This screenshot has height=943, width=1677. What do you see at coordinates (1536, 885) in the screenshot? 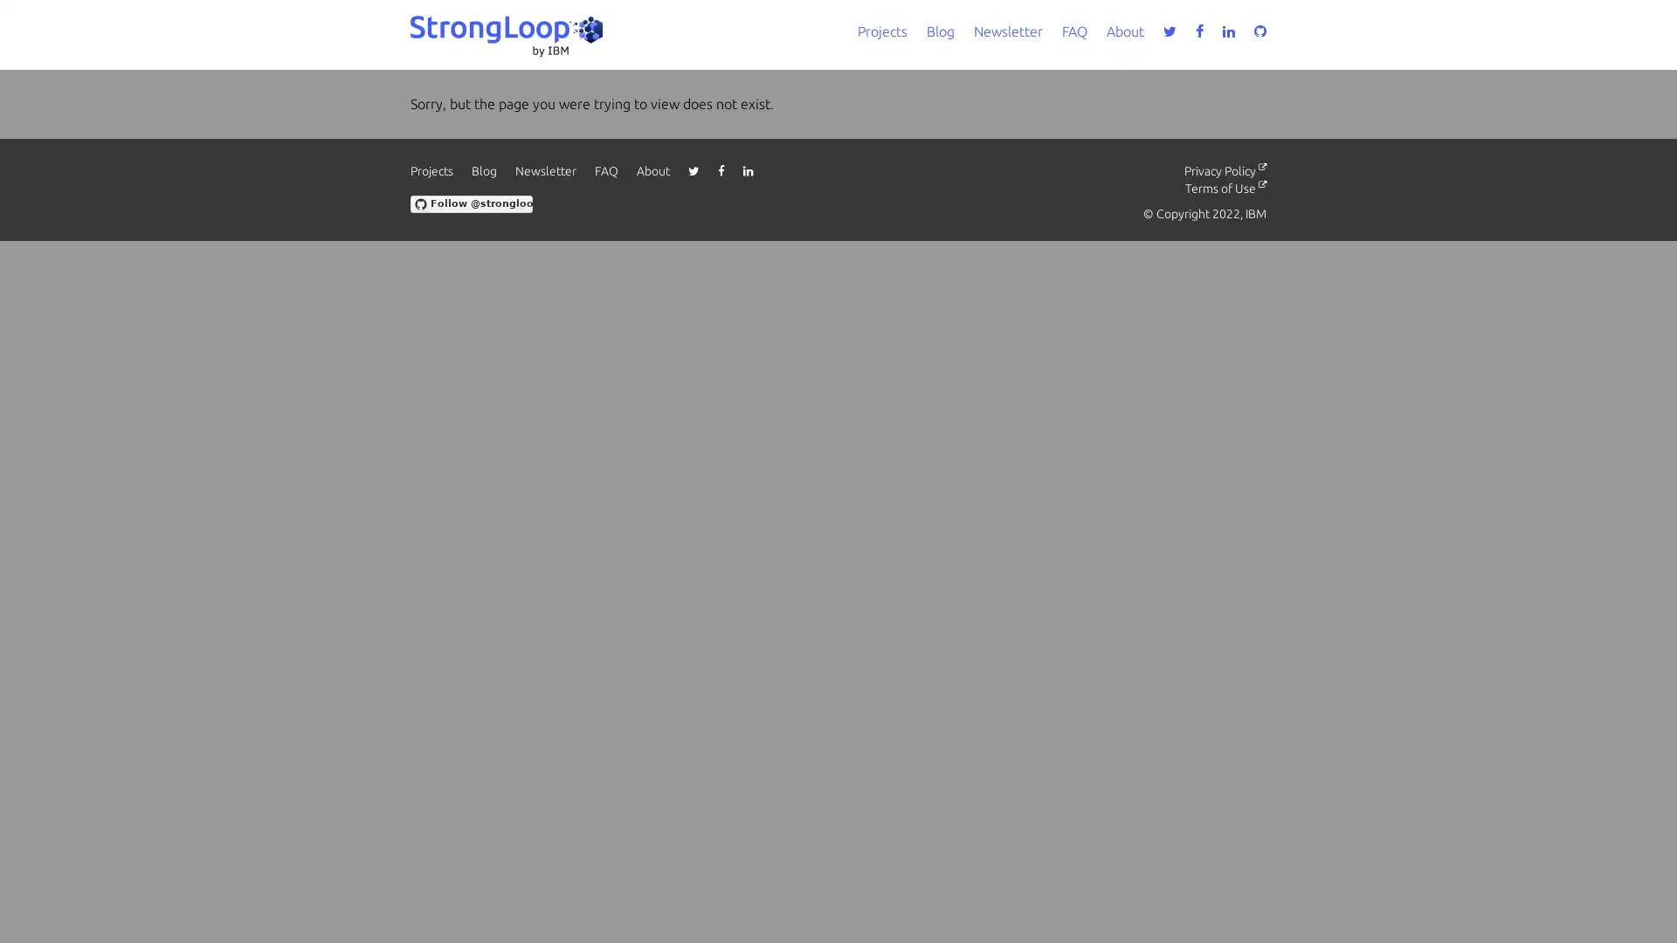
I see `Do not sell my personal information` at bounding box center [1536, 885].